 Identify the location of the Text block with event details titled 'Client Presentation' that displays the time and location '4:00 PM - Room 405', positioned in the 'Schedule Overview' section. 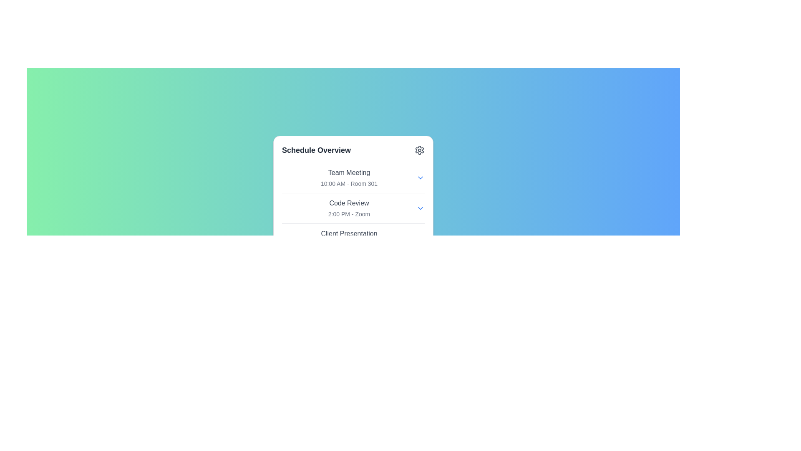
(353, 238).